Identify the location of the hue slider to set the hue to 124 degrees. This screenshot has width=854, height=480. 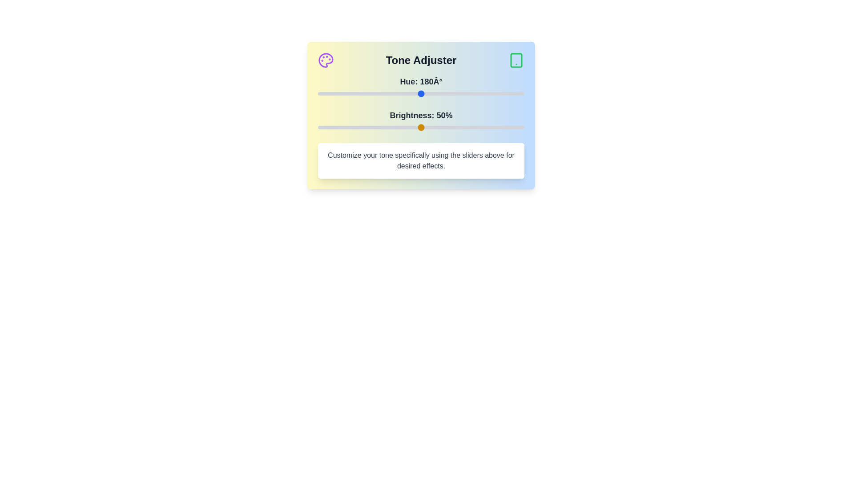
(389, 94).